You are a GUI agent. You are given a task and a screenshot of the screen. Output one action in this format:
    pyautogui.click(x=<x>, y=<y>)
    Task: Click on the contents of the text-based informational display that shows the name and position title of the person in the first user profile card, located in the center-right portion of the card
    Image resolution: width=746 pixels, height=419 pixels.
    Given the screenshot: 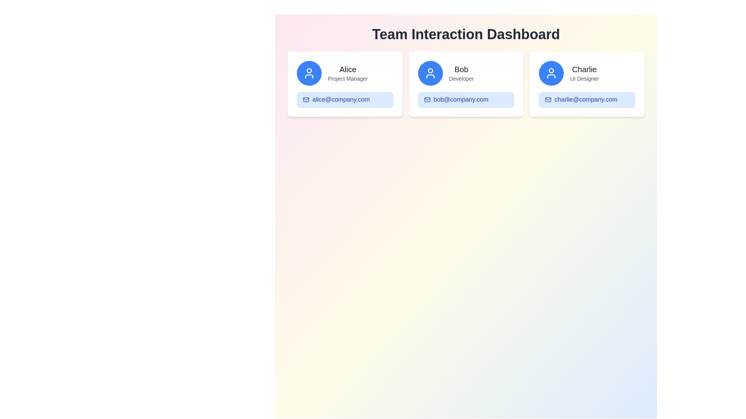 What is the action you would take?
    pyautogui.click(x=347, y=73)
    